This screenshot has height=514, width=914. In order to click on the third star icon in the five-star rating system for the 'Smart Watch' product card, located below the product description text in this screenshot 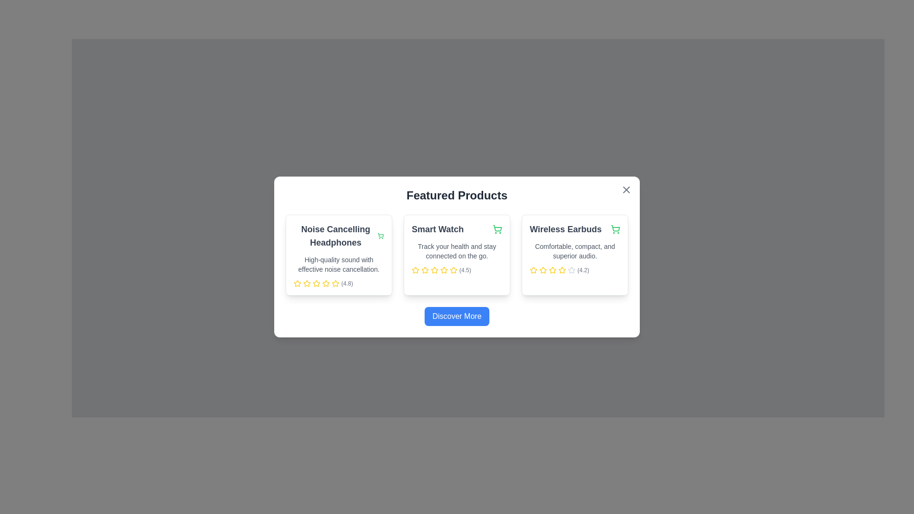, I will do `click(434, 270)`.